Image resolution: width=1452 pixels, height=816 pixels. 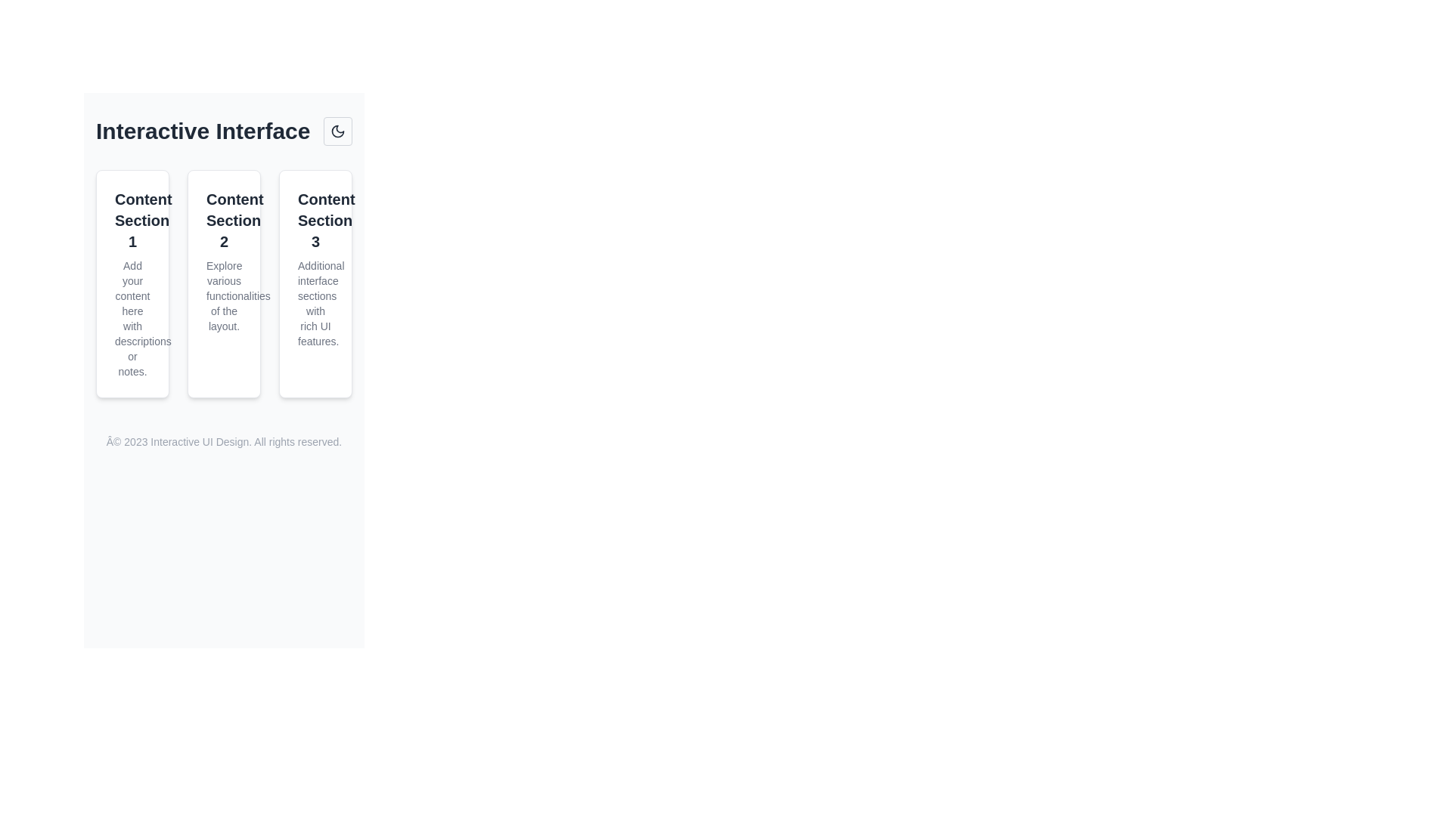 I want to click on the Text Header element located at the top of the rightmost card in a set of three cards, which serves as the title for the section it represents, so click(x=315, y=221).